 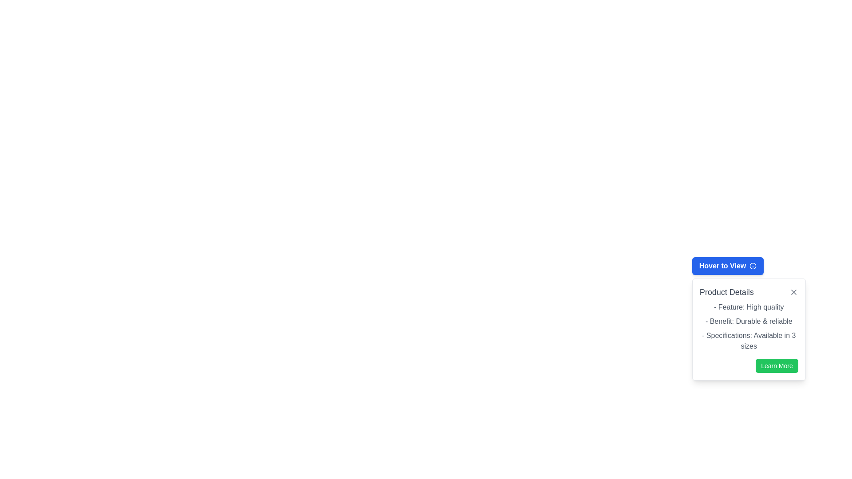 I want to click on information displayed in the third item of the 'Product Details' dialog box, which provides specifications of the product, so click(x=748, y=340).